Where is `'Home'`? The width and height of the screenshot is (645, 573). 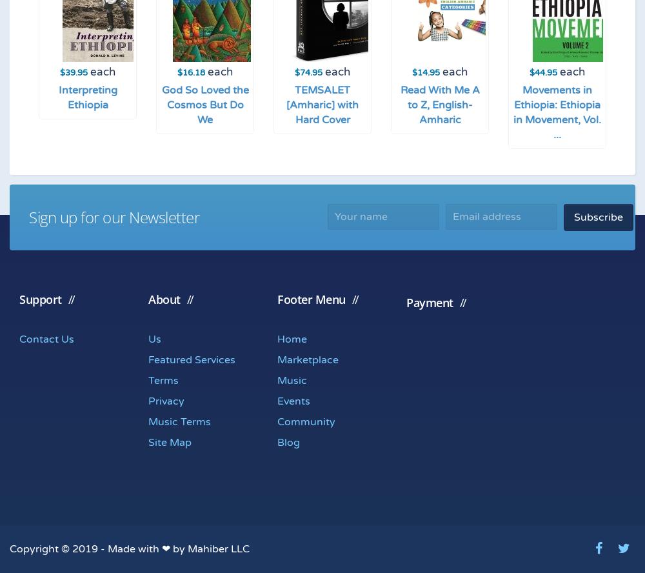 'Home' is located at coordinates (292, 338).